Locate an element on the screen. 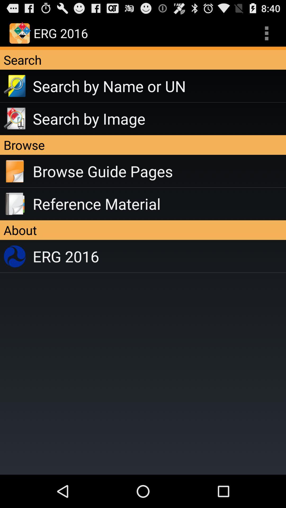 This screenshot has height=508, width=286. the app above search icon is located at coordinates (266, 33).